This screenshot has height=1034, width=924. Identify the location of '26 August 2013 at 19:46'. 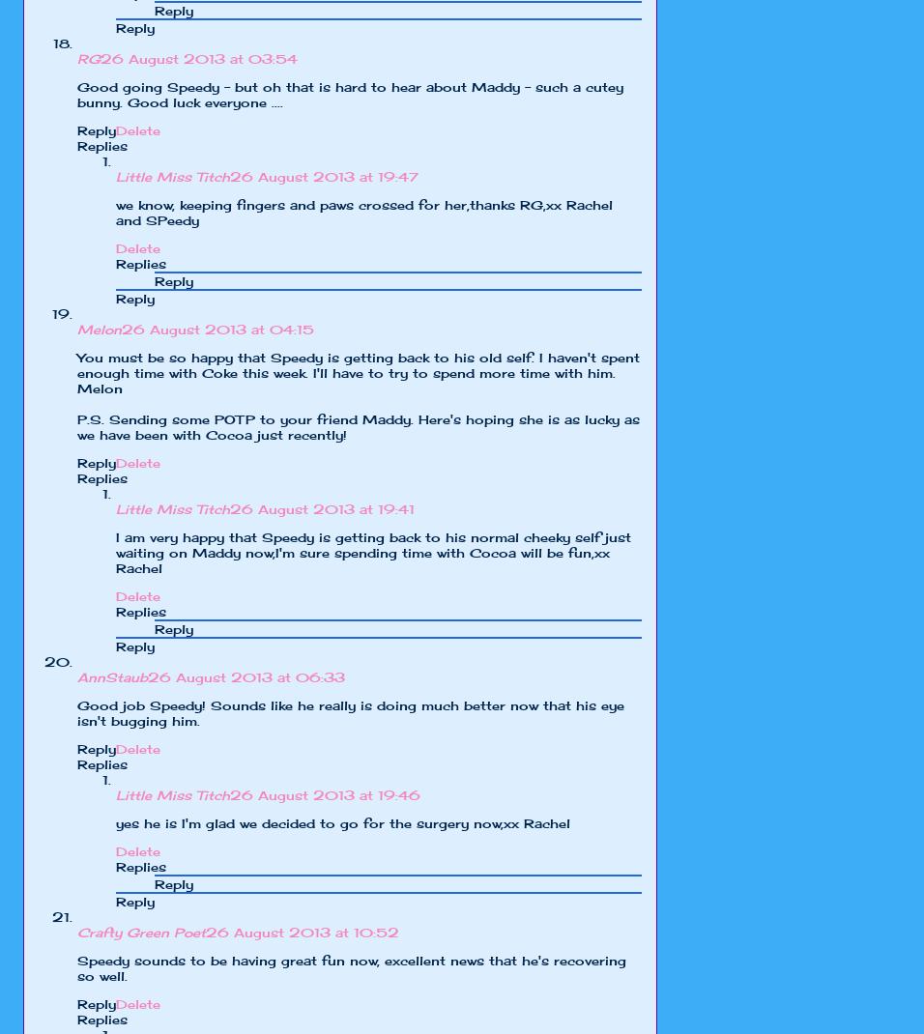
(324, 795).